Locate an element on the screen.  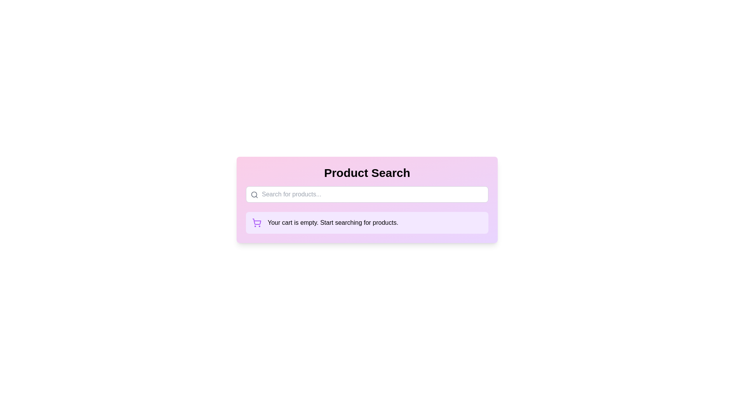
the text label that informs the user about the emptiness of their cart, located to the right of the cart icon is located at coordinates (333, 223).